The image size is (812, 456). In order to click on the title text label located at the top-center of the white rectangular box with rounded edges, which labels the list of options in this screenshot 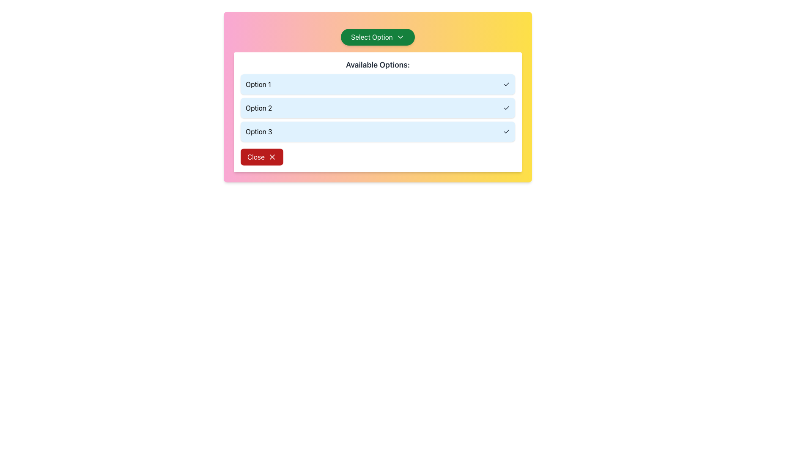, I will do `click(377, 65)`.